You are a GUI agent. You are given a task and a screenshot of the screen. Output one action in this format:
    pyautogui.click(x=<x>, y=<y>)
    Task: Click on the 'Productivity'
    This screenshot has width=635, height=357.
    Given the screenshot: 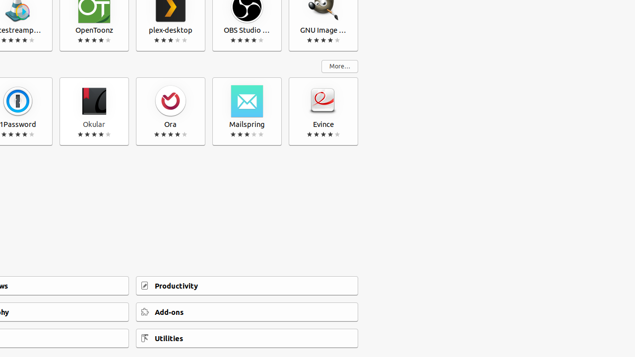 What is the action you would take?
    pyautogui.click(x=247, y=286)
    